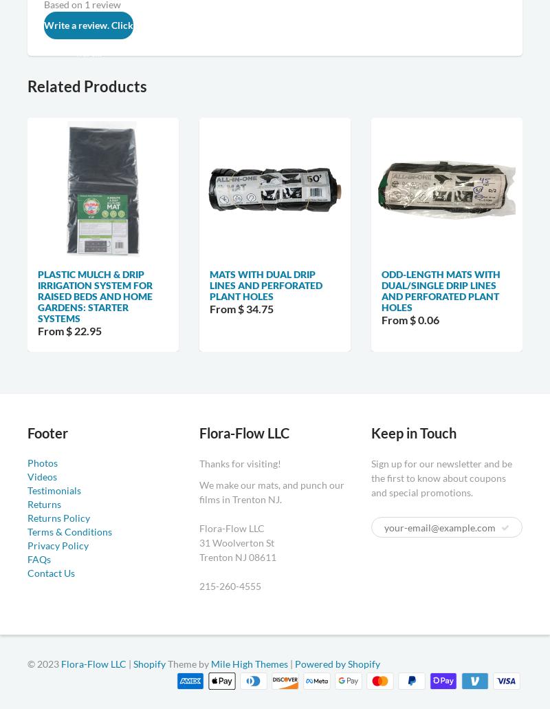 Image resolution: width=550 pixels, height=709 pixels. What do you see at coordinates (236, 542) in the screenshot?
I see `'31 Woolverton St'` at bounding box center [236, 542].